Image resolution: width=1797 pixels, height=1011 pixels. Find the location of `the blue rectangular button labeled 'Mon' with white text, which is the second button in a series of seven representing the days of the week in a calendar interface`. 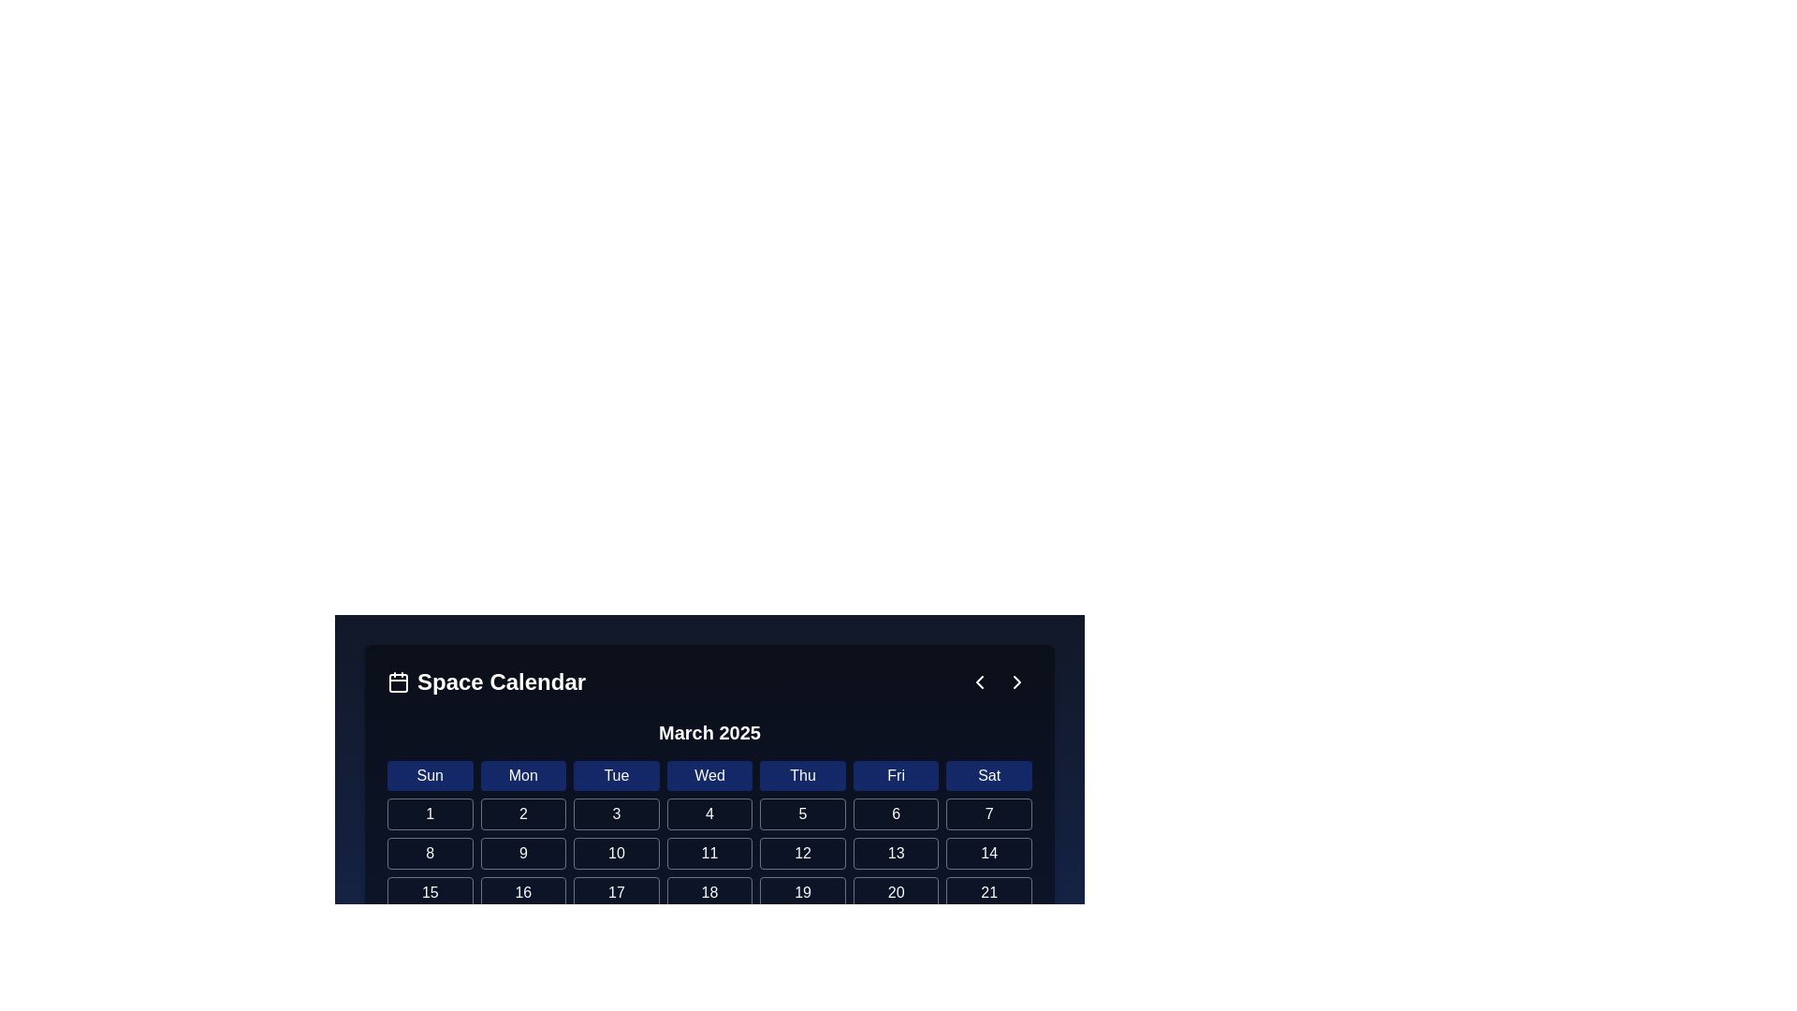

the blue rectangular button labeled 'Mon' with white text, which is the second button in a series of seven representing the days of the week in a calendar interface is located at coordinates (523, 776).